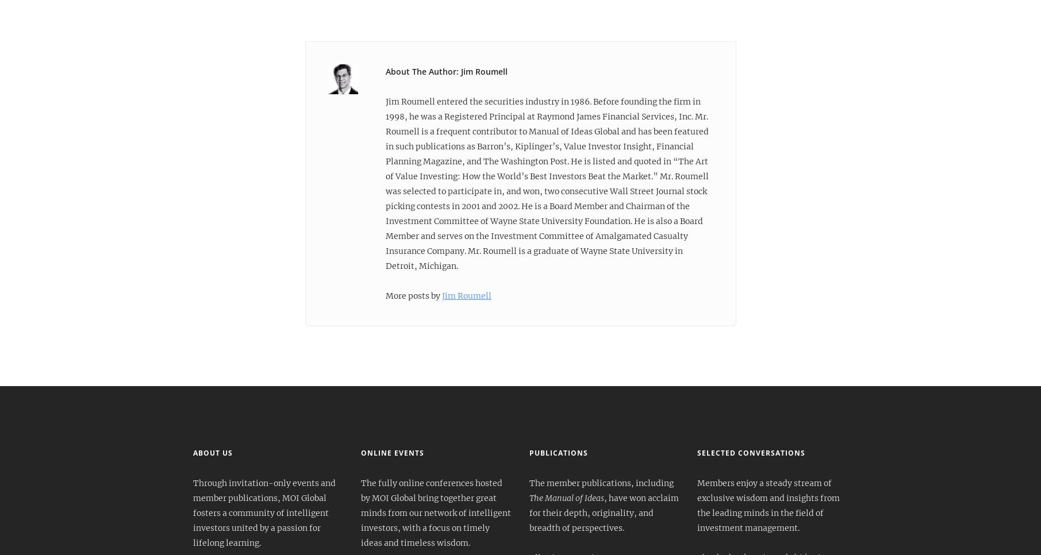 The image size is (1041, 555). I want to click on 'The Manual of Ideas', so click(566, 498).